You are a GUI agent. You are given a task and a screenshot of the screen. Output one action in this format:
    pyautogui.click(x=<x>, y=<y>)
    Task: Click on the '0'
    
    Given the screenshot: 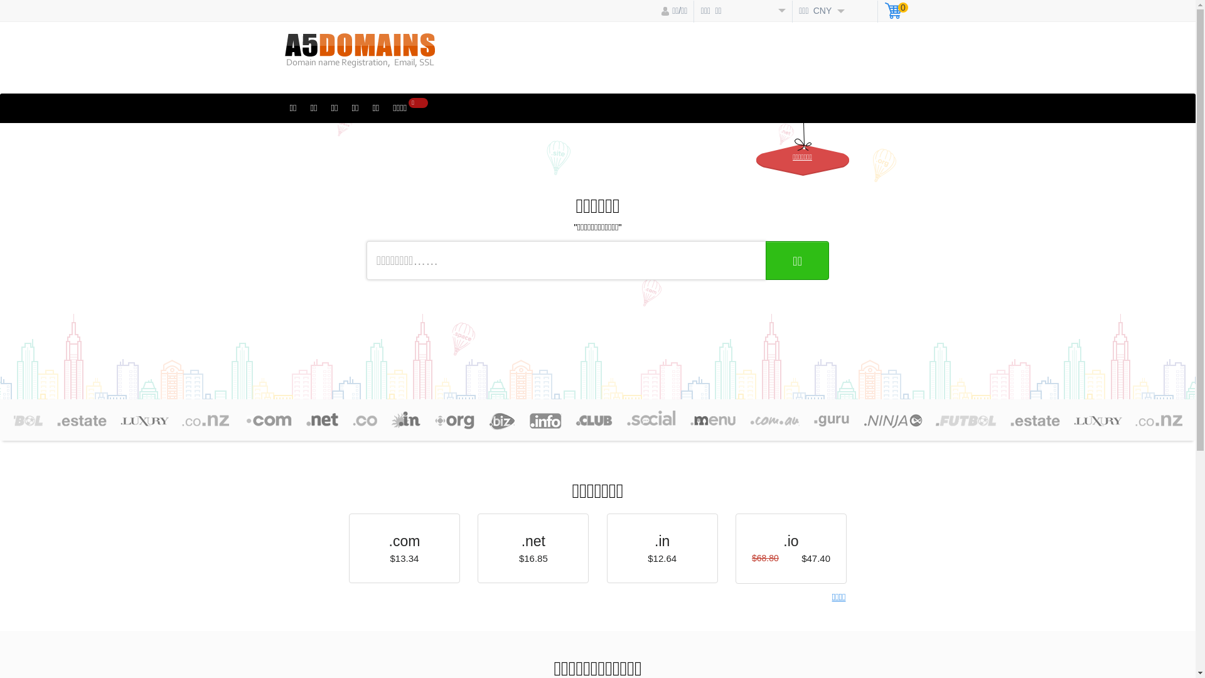 What is the action you would take?
    pyautogui.click(x=896, y=12)
    